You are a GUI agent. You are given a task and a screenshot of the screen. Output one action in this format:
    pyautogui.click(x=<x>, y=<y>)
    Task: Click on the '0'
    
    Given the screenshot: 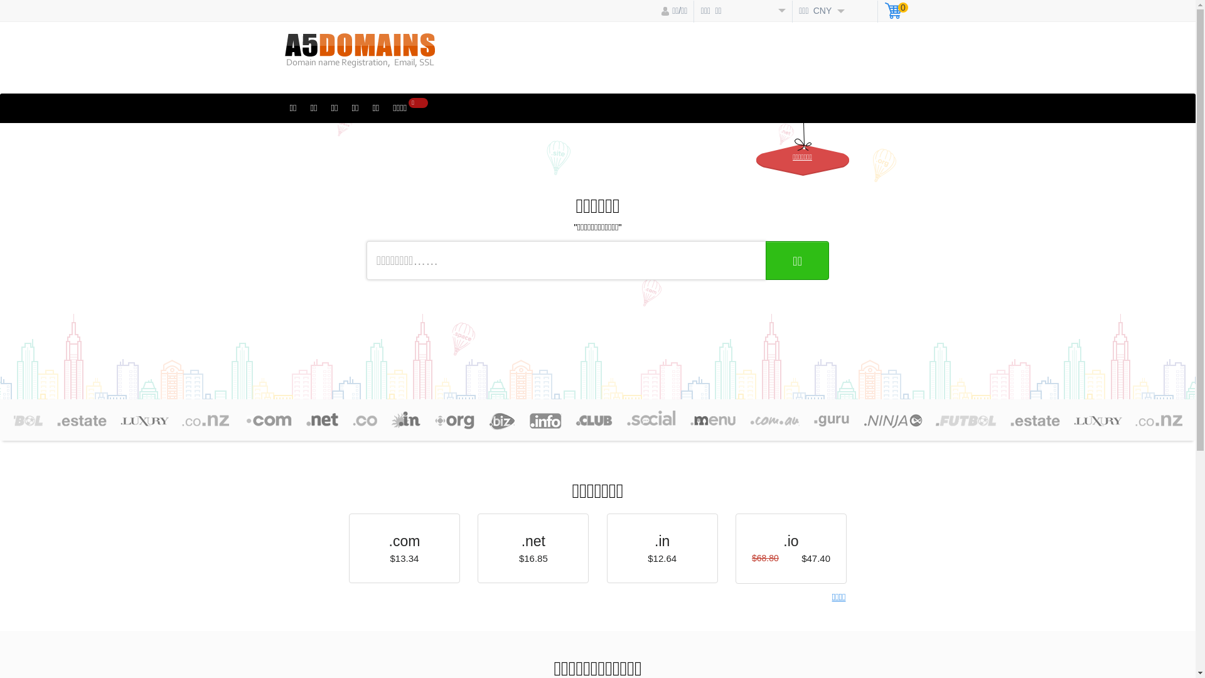 What is the action you would take?
    pyautogui.click(x=896, y=12)
    